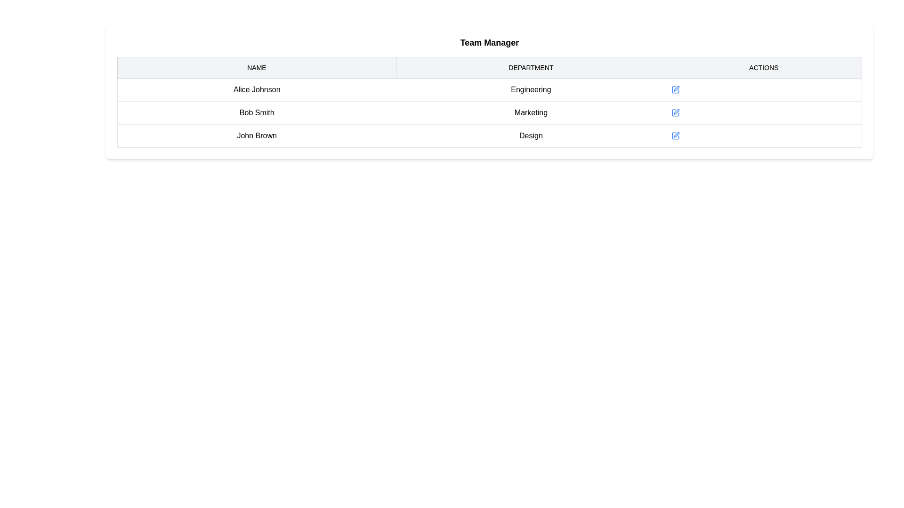 Image resolution: width=904 pixels, height=508 pixels. I want to click on the third SVG-based pen icon in the 'Actions' column of the table next to 'John Brown' to initiate editing, so click(675, 136).